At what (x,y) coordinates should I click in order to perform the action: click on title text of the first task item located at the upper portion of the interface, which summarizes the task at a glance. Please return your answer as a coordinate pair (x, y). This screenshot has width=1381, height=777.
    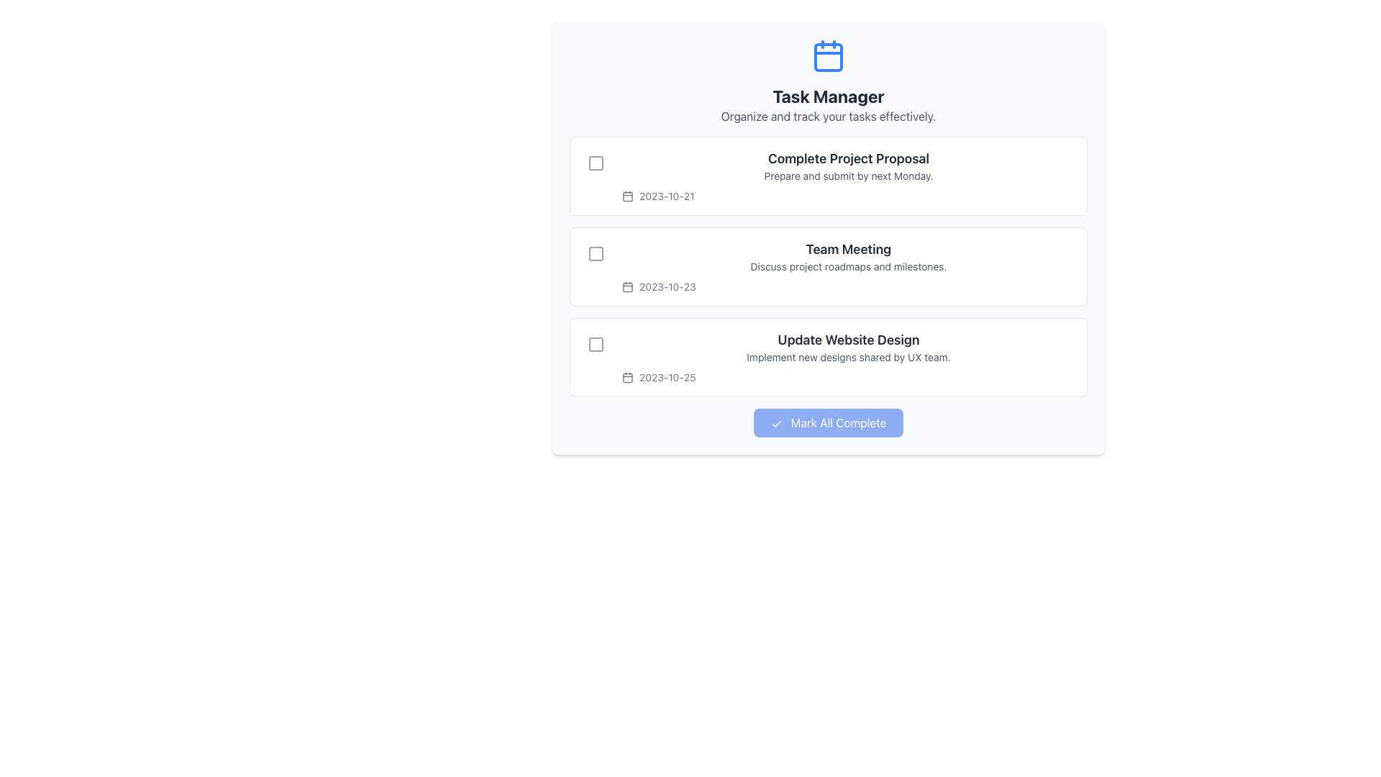
    Looking at the image, I should click on (849, 158).